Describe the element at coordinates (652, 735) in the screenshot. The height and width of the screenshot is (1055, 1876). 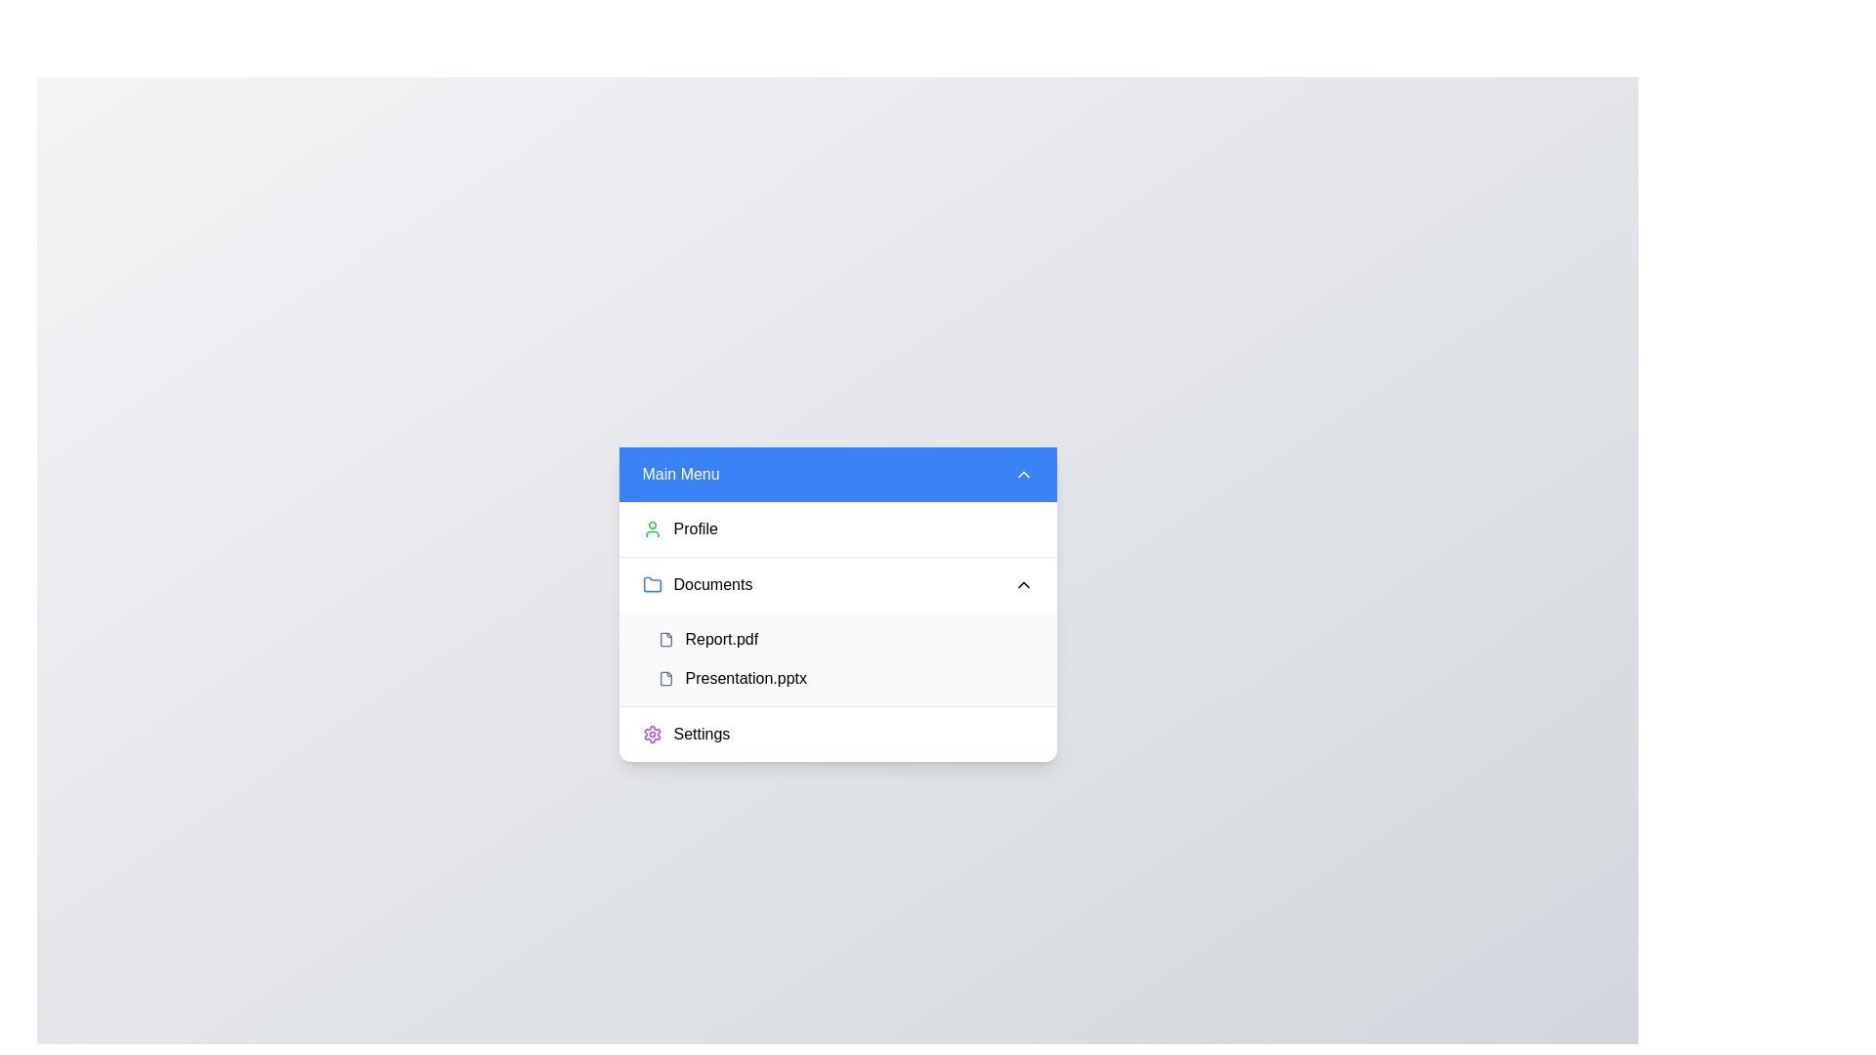
I see `on the purple gear icon representing settings, located at the bottom of the dropdown menu labeled 'Main Menu'` at that location.